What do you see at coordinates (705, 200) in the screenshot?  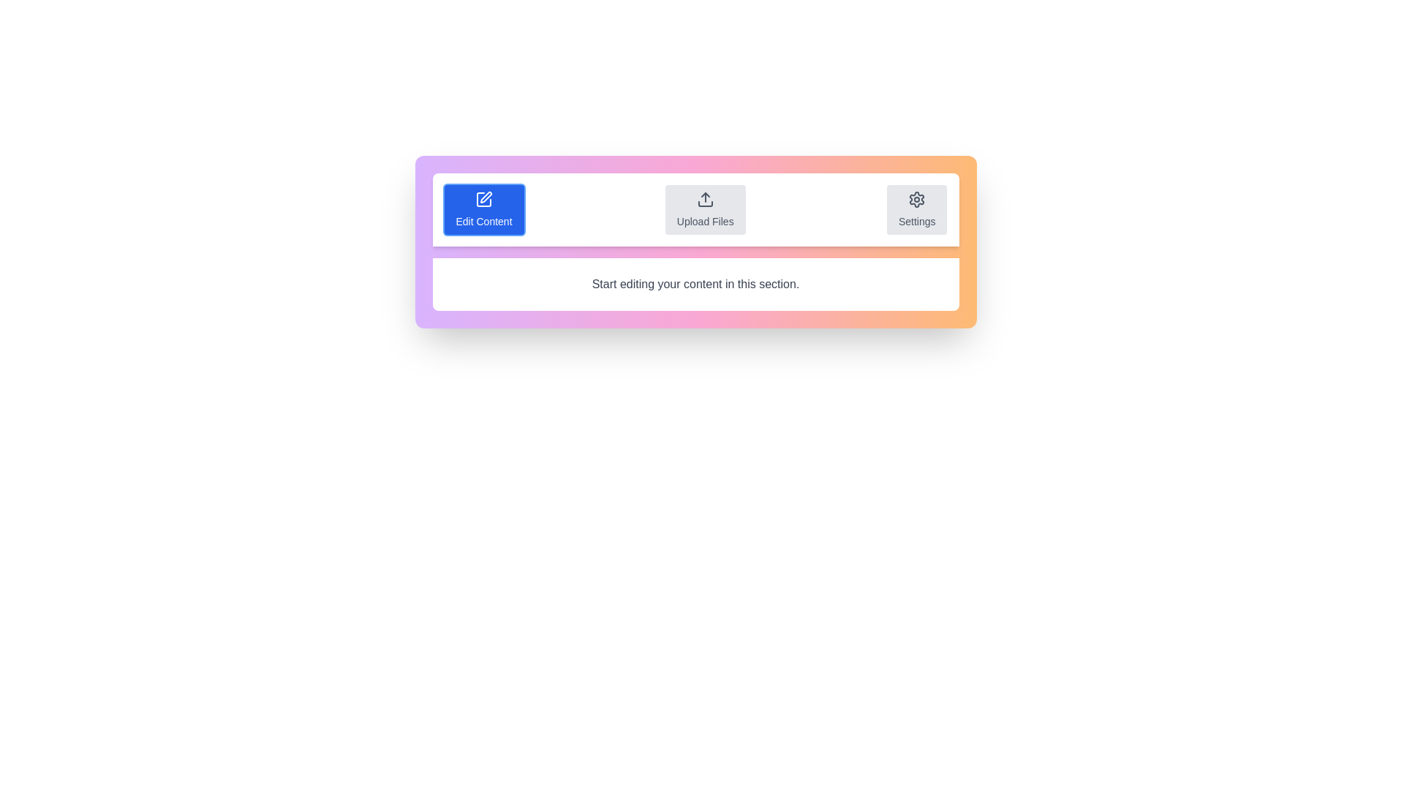 I see `the upload icon, which is a monochrome gray scale icon with an upward pointing arrow, located at the center of the 'Upload Files' block, to initiate the file upload` at bounding box center [705, 200].